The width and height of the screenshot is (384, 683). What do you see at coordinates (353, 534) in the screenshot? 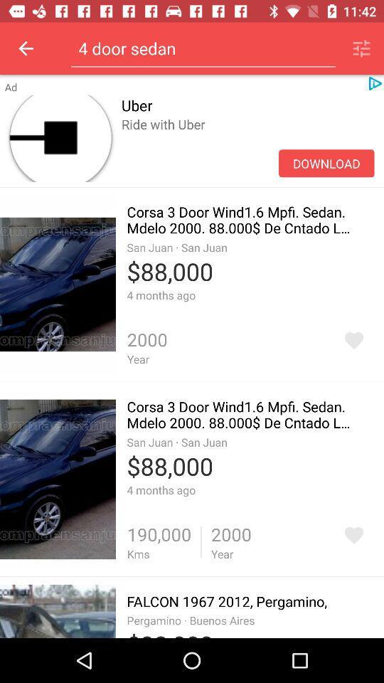
I see `favorite` at bounding box center [353, 534].